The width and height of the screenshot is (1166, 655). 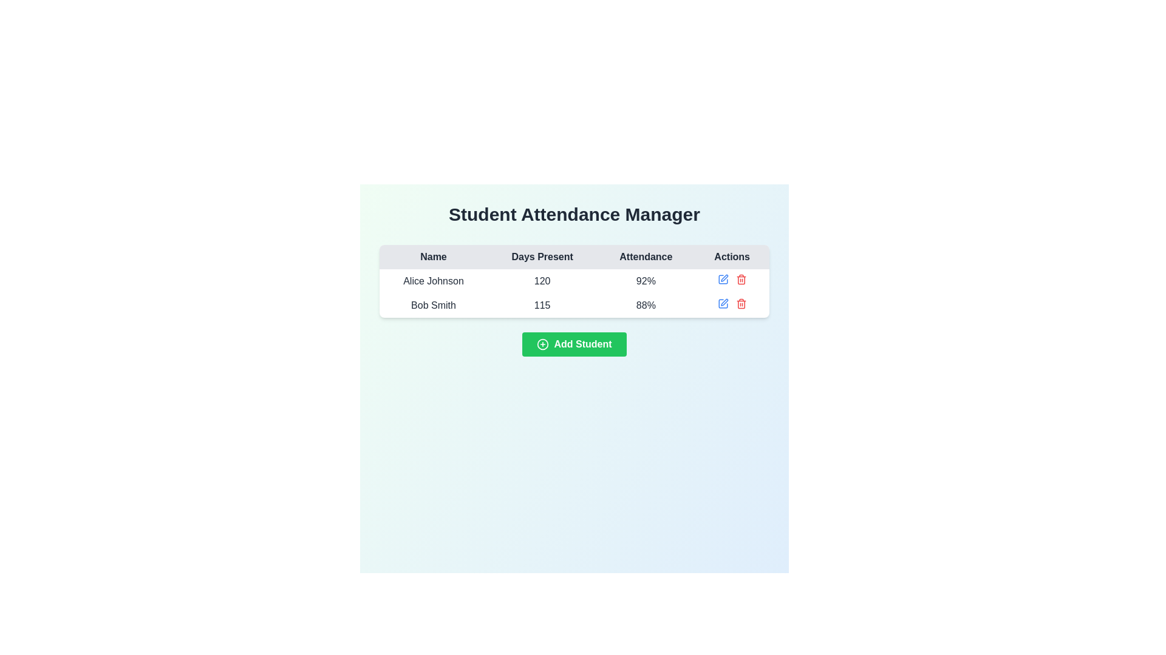 I want to click on the 'Attendance' text label located in the header row of the table, which is the third header between 'Days Present' and 'Actions', so click(x=645, y=257).